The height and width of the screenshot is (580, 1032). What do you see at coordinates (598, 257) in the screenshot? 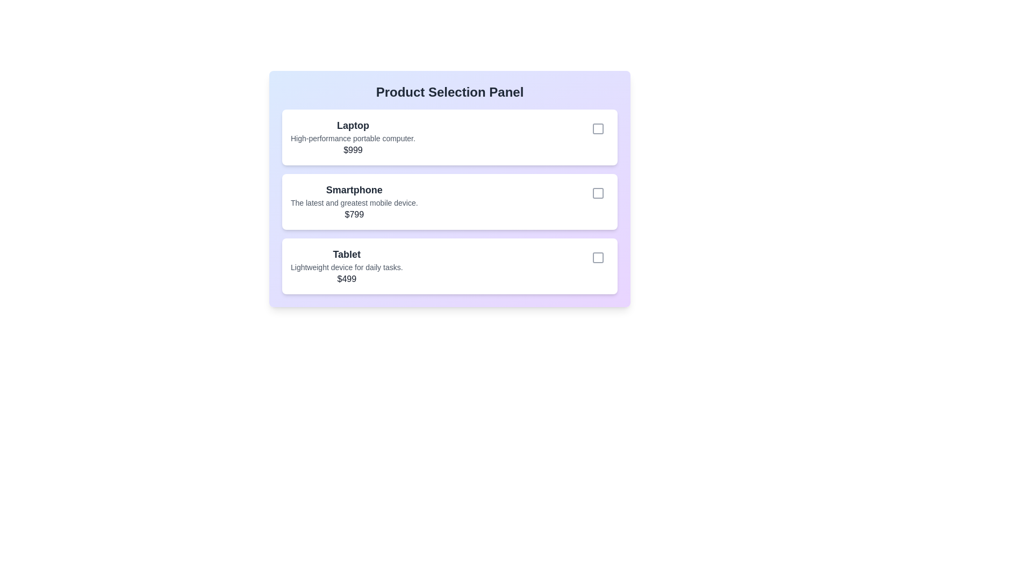
I see `the product identified by Tablet` at bounding box center [598, 257].